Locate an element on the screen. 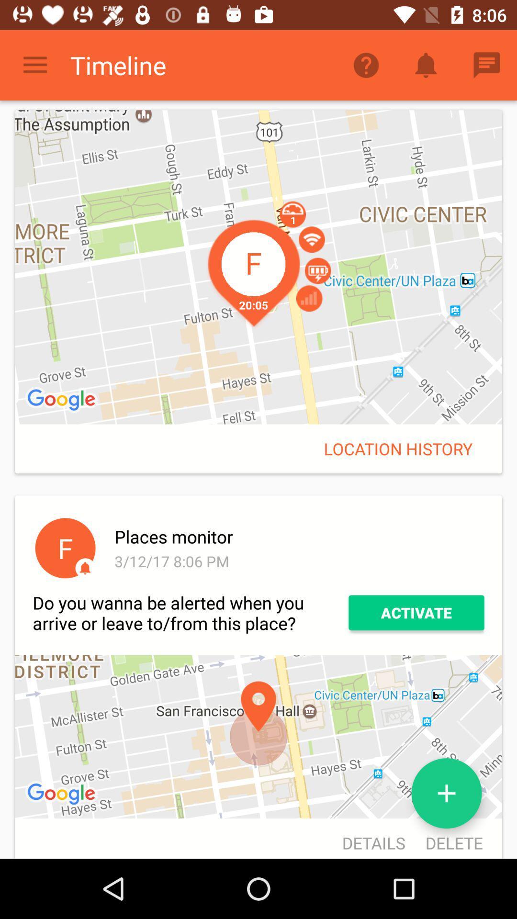 The width and height of the screenshot is (517, 919). the icon next to f is located at coordinates (297, 561).